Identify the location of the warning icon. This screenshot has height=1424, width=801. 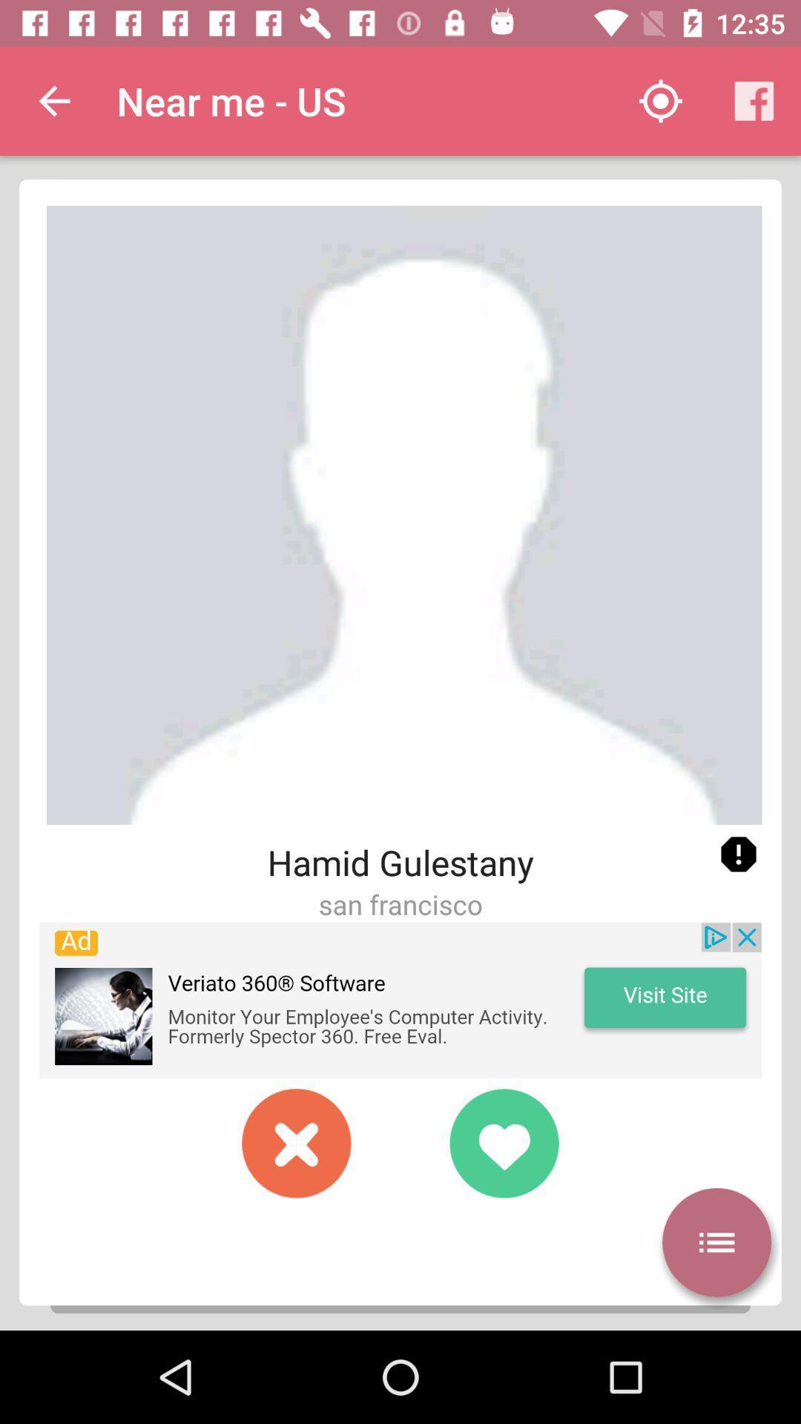
(738, 854).